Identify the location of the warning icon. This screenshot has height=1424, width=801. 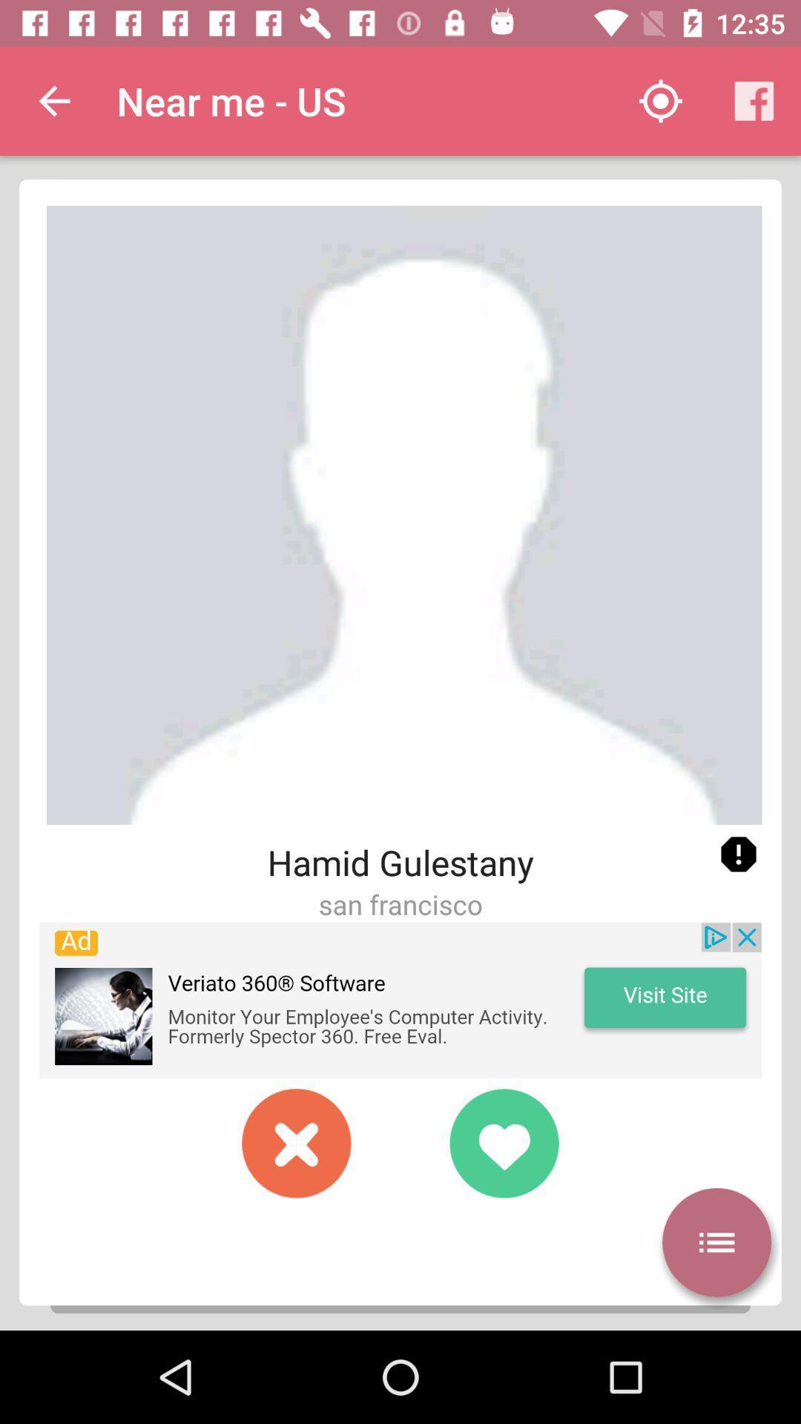
(738, 854).